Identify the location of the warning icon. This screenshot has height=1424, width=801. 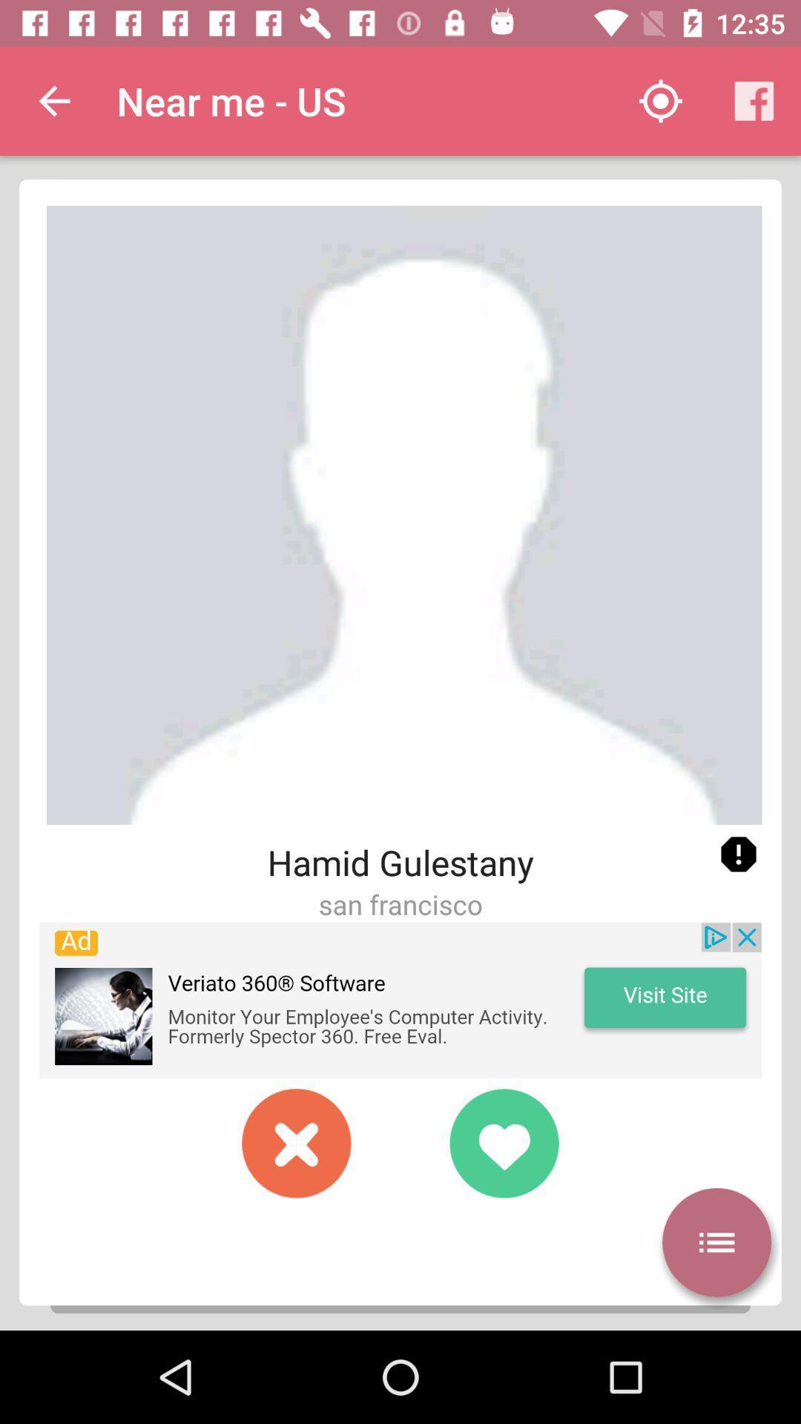
(738, 854).